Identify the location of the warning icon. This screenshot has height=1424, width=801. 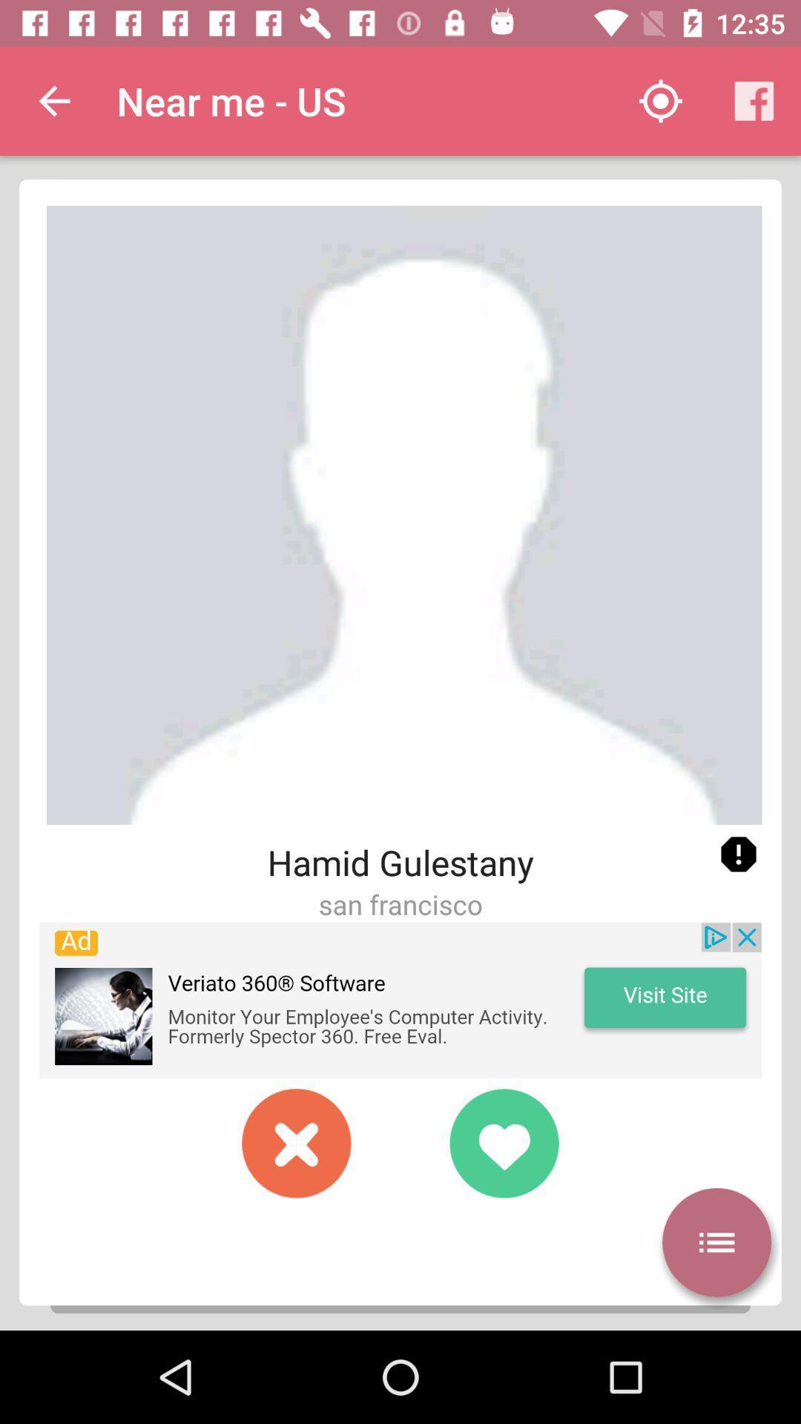
(738, 854).